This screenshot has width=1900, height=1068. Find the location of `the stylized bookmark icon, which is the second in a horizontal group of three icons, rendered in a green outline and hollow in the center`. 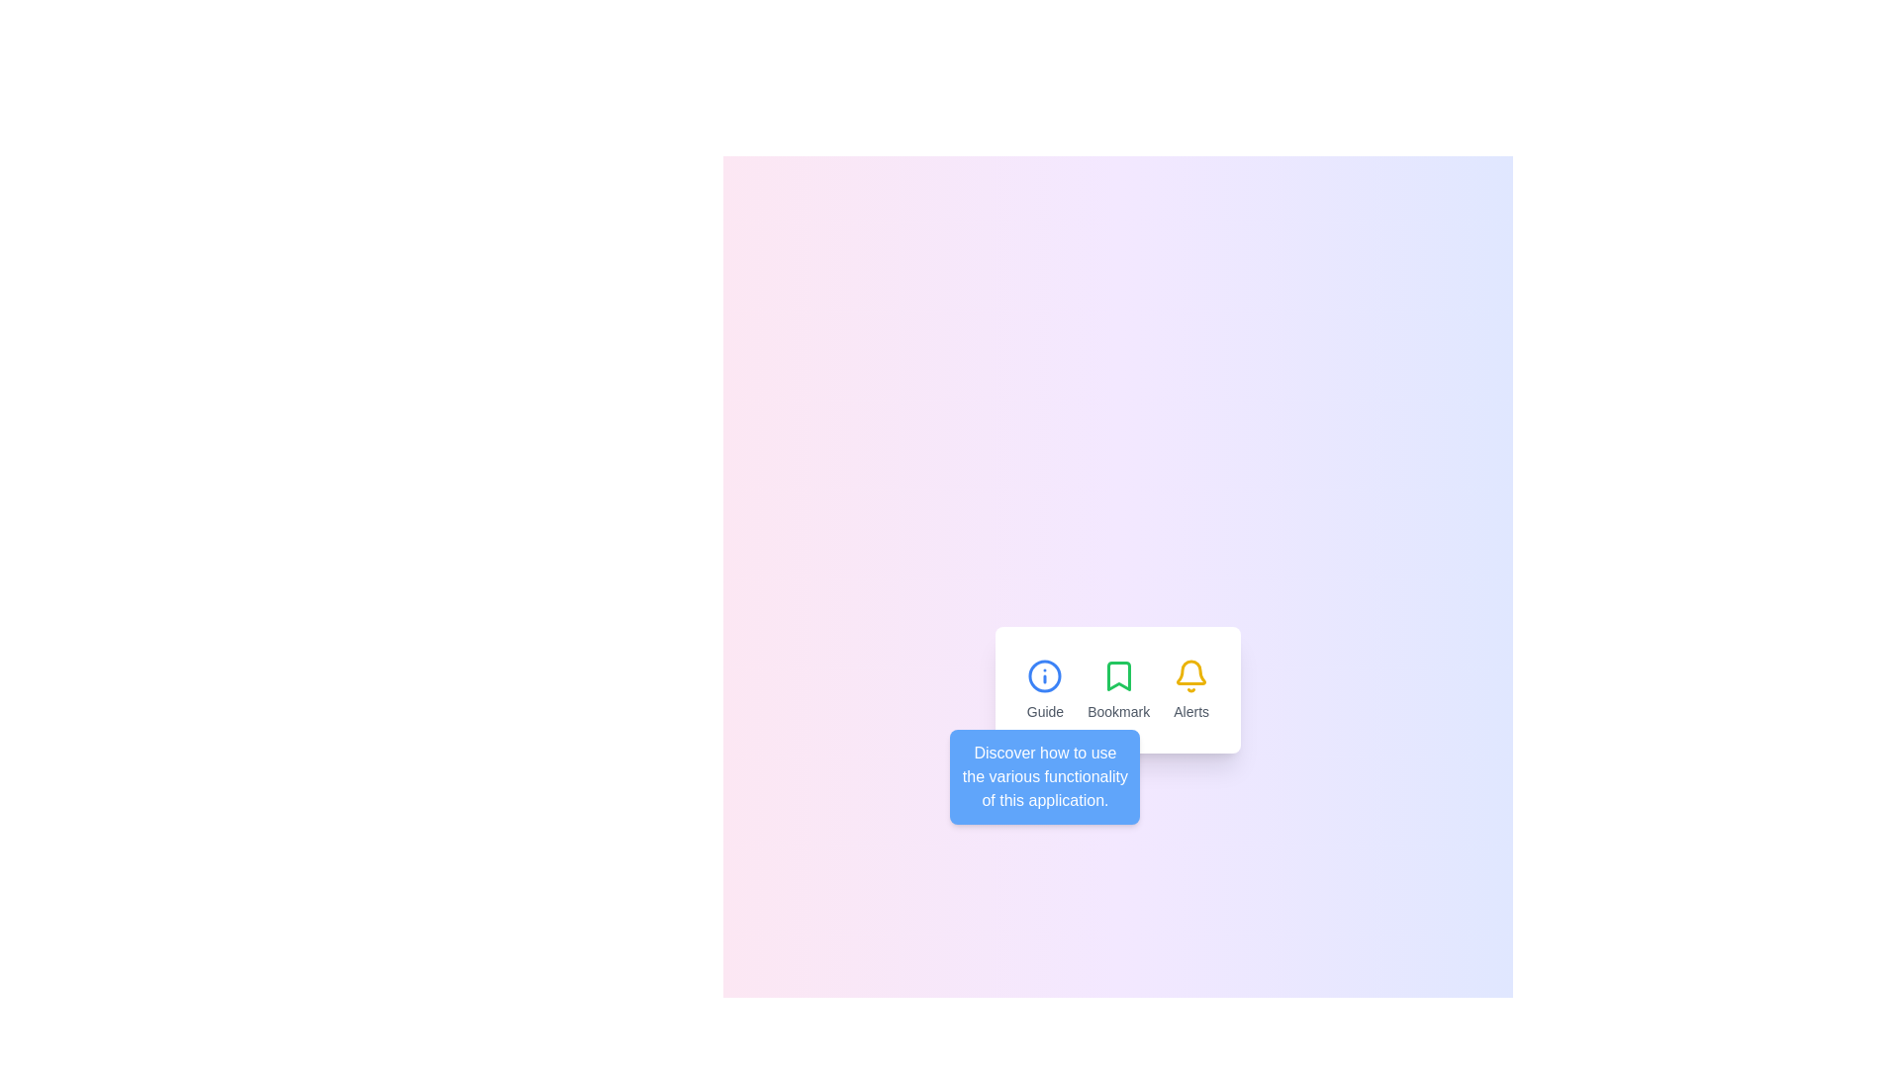

the stylized bookmark icon, which is the second in a horizontal group of three icons, rendered in a green outline and hollow in the center is located at coordinates (1118, 674).